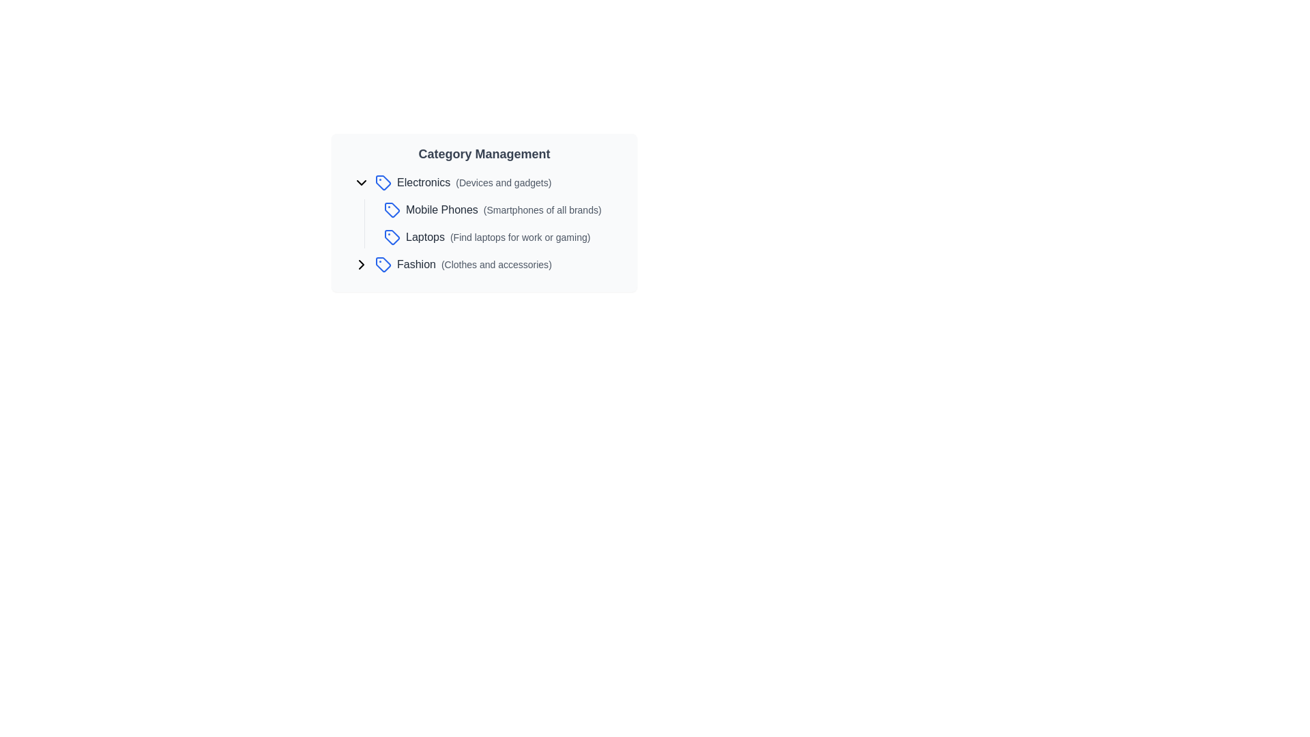 This screenshot has height=737, width=1310. What do you see at coordinates (392, 236) in the screenshot?
I see `the 'Laptops' category tag icon, which is the third item in a vertical list representing the 'Laptops' category, positioned to the left of the text 'Laptops'` at bounding box center [392, 236].